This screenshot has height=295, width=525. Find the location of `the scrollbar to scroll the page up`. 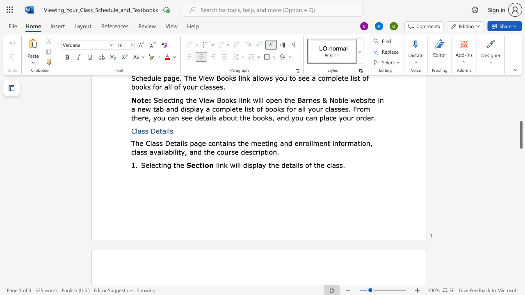

the scrollbar to scroll the page up is located at coordinates (520, 119).